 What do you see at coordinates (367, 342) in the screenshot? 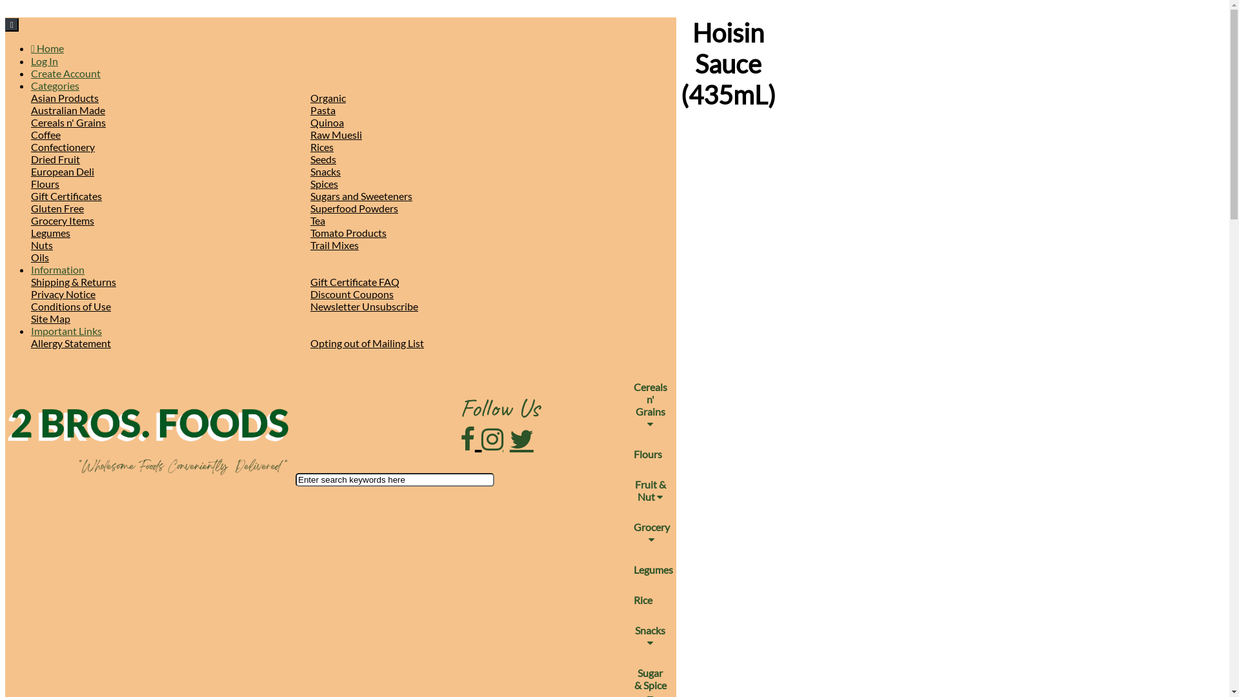
I see `'Opting out of Mailing List'` at bounding box center [367, 342].